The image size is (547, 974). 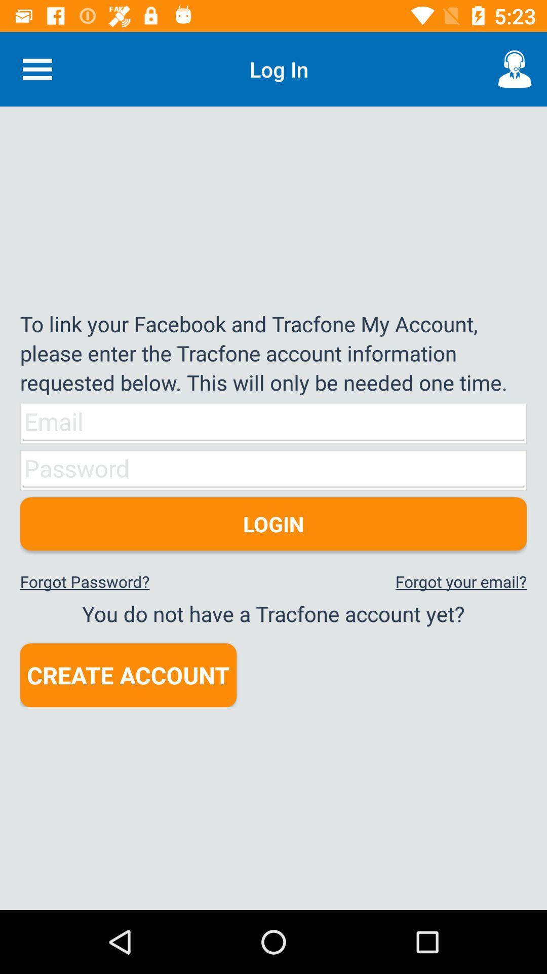 I want to click on create account at the bottom left corner, so click(x=128, y=675).